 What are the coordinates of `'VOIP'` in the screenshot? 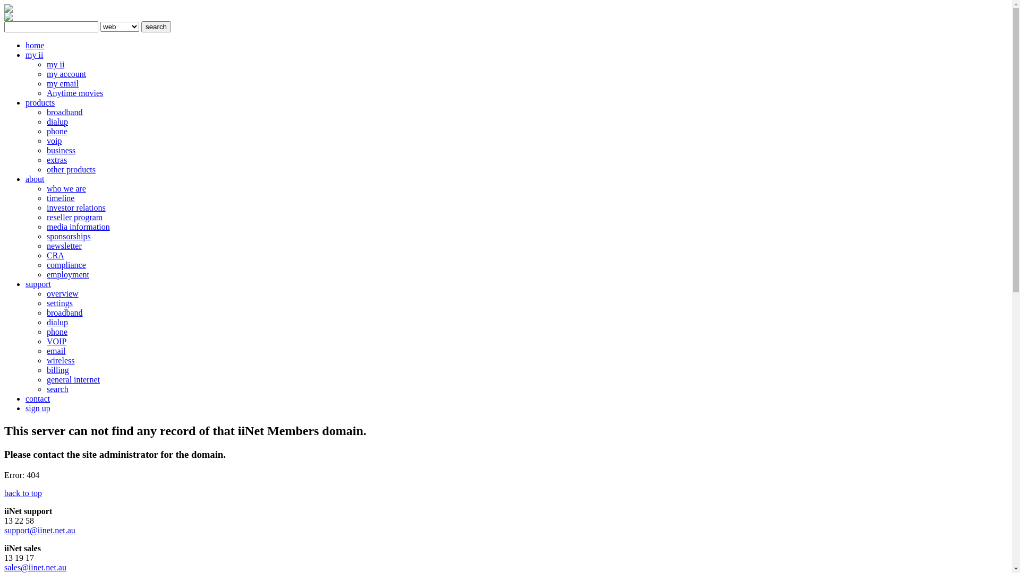 It's located at (46, 341).